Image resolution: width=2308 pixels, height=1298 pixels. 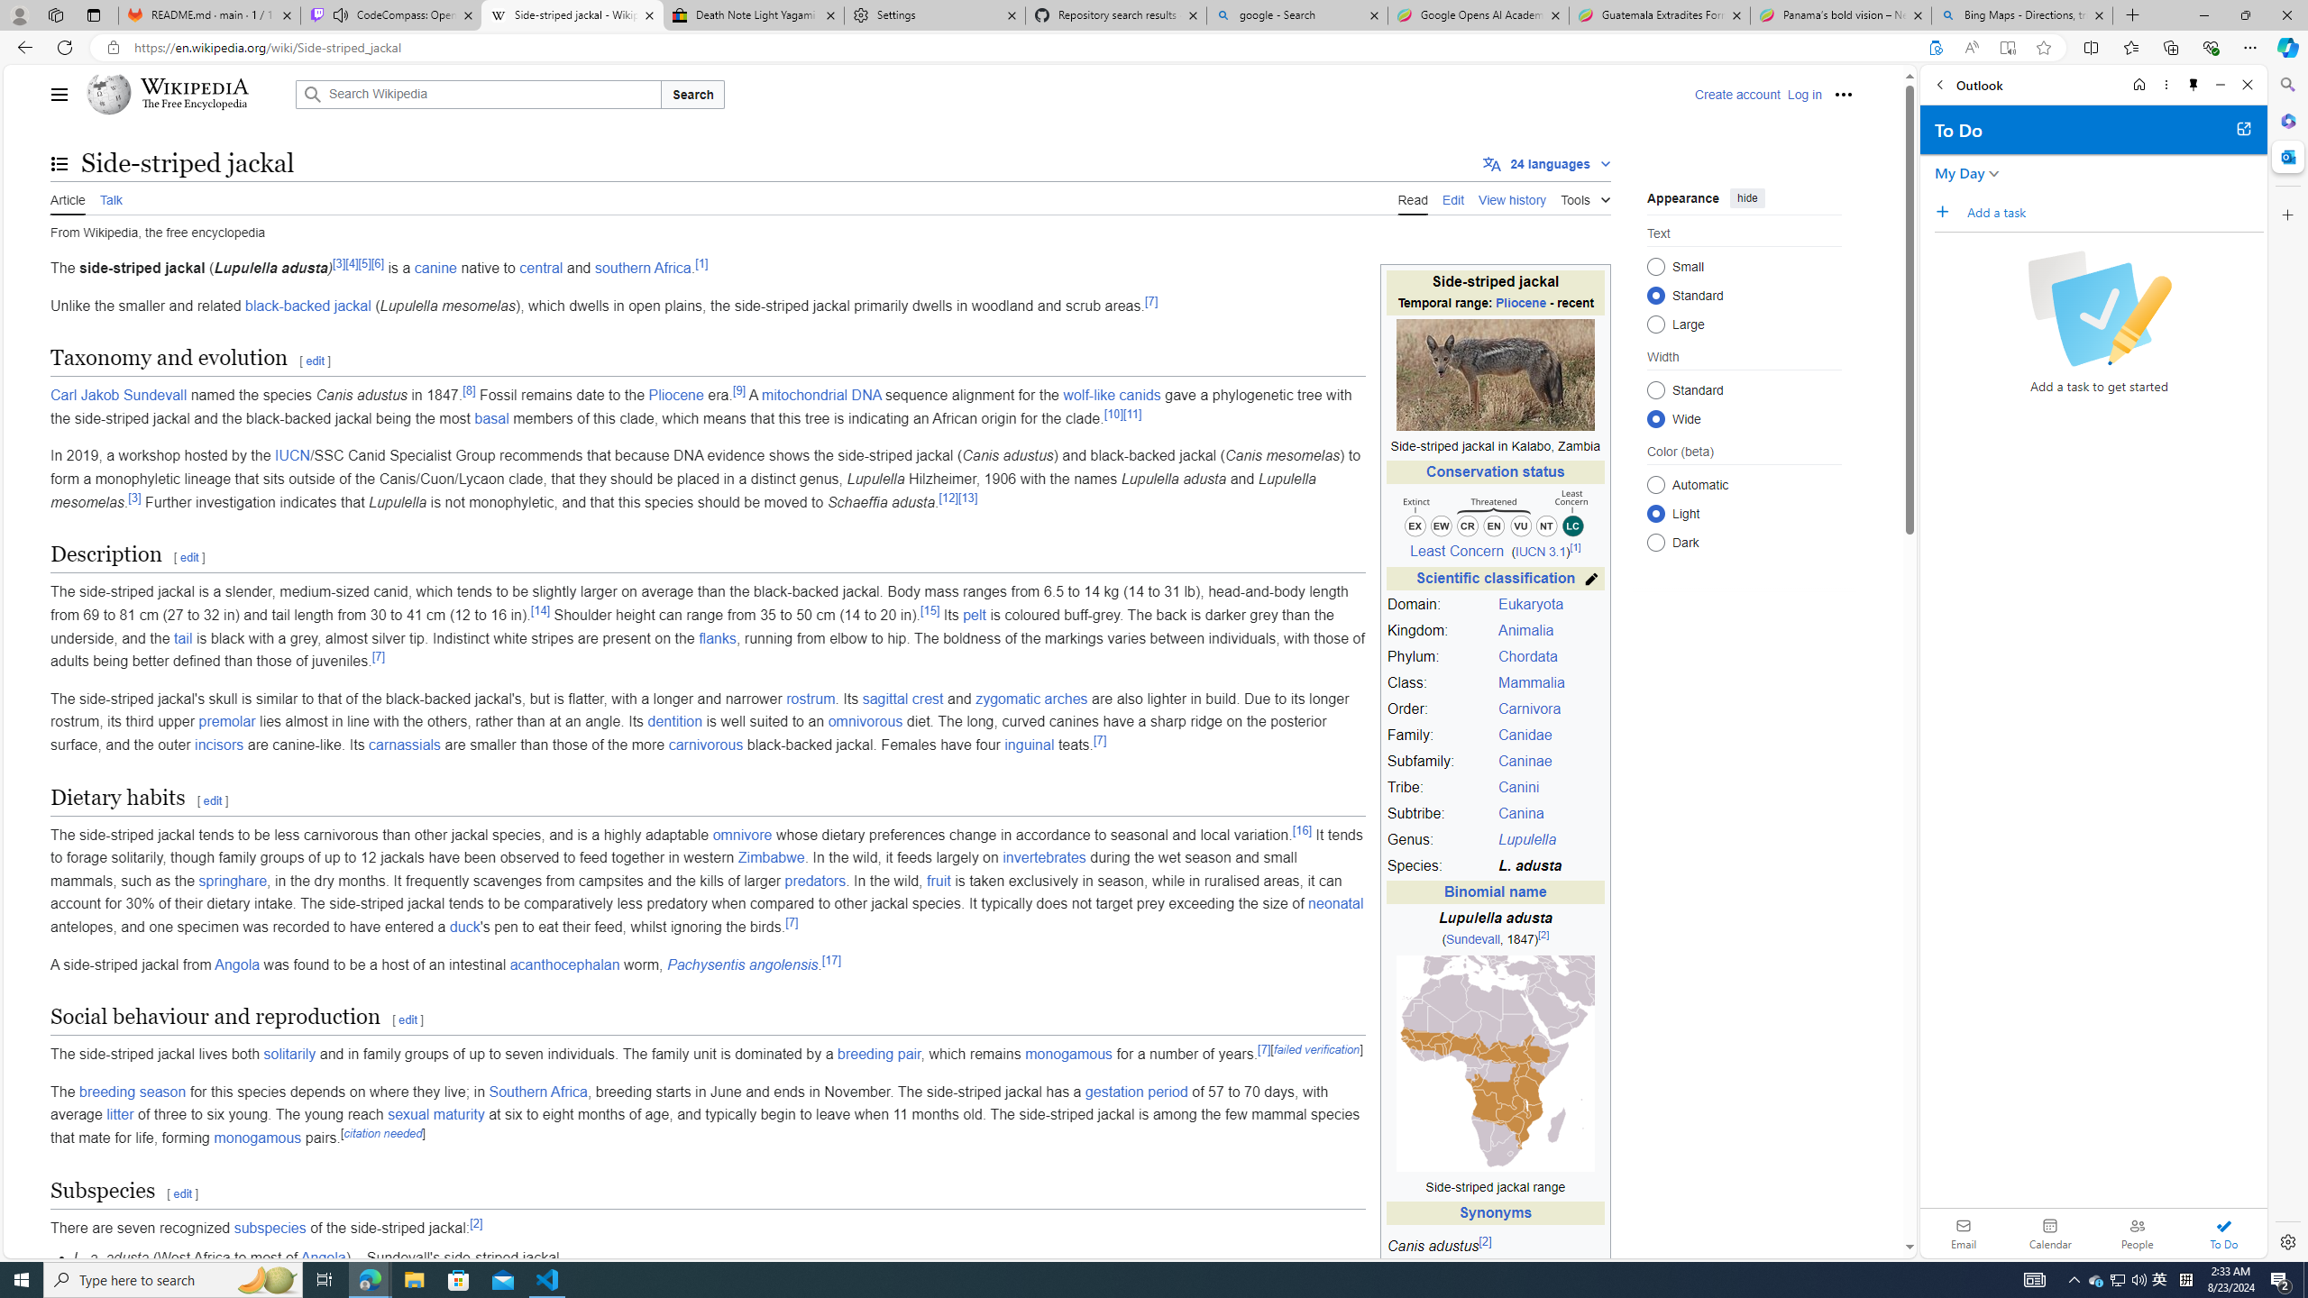 What do you see at coordinates (218, 743) in the screenshot?
I see `'incisors'` at bounding box center [218, 743].